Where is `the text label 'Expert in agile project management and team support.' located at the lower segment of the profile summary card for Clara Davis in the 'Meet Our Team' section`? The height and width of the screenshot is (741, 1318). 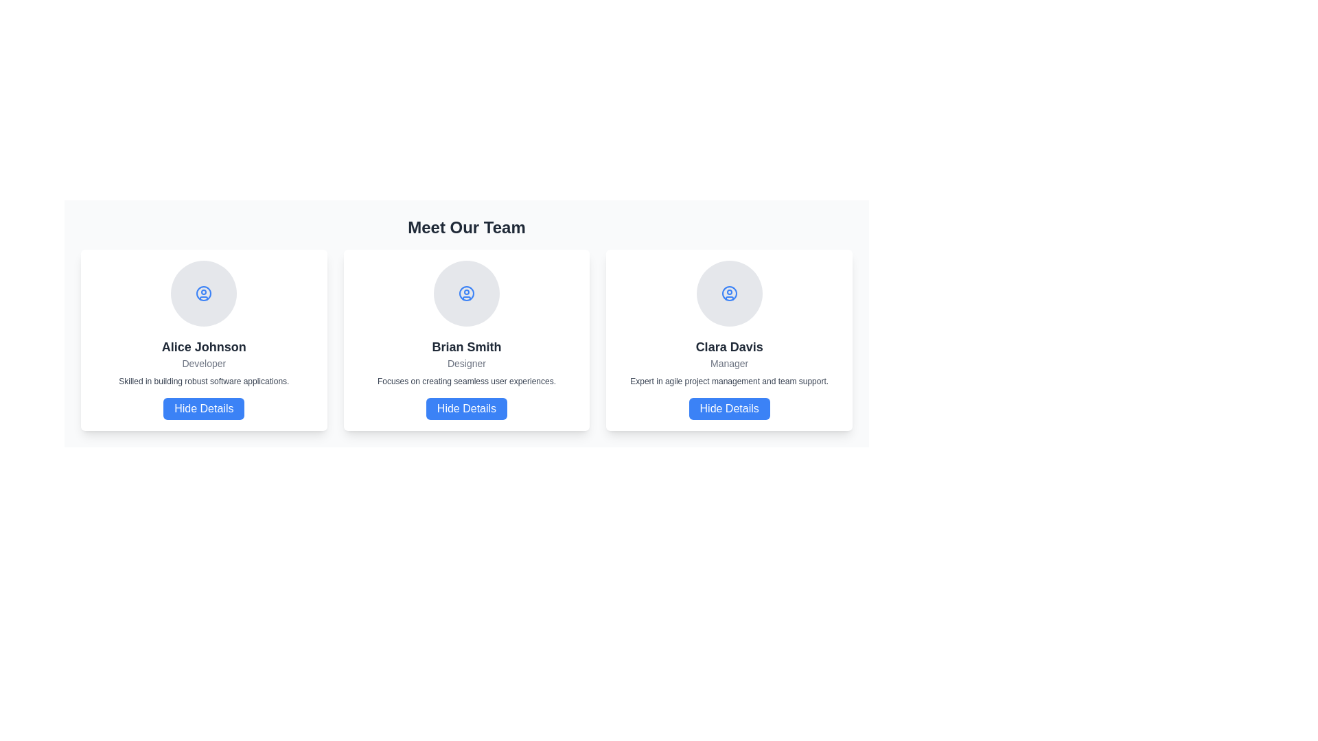 the text label 'Expert in agile project management and team support.' located at the lower segment of the profile summary card for Clara Davis in the 'Meet Our Team' section is located at coordinates (728, 381).